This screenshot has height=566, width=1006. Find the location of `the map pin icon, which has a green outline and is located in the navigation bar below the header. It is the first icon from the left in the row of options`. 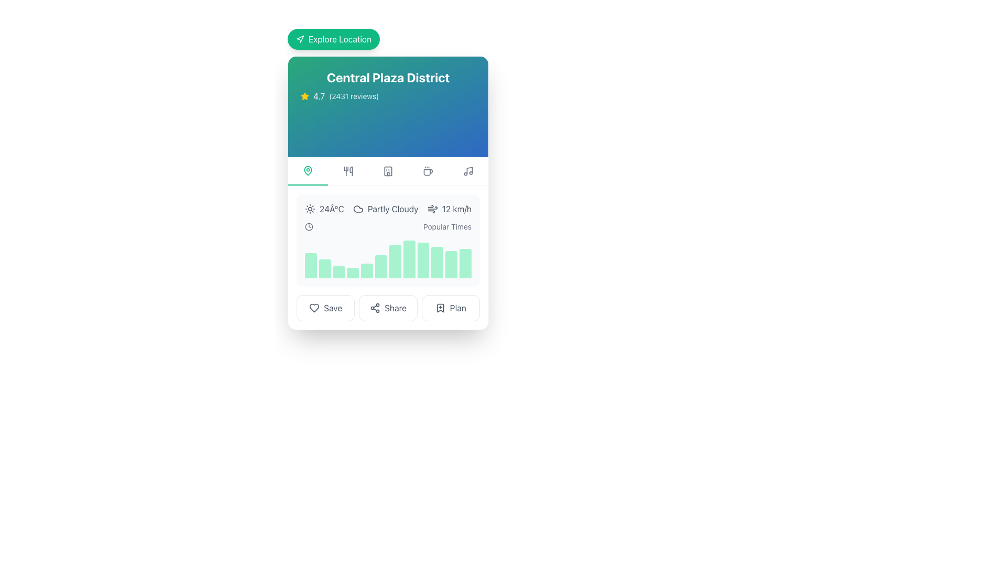

the map pin icon, which has a green outline and is located in the navigation bar below the header. It is the first icon from the left in the row of options is located at coordinates (308, 170).